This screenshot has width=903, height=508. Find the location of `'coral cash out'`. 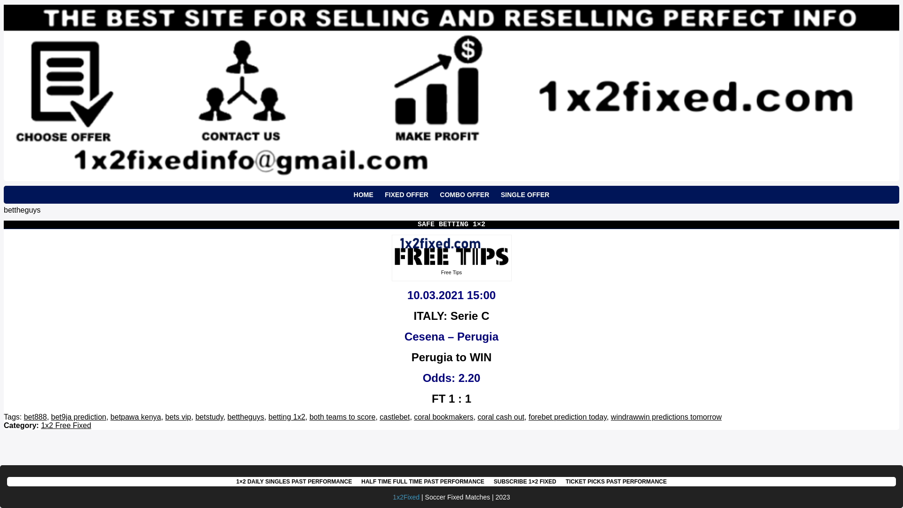

'coral cash out' is located at coordinates (500, 416).